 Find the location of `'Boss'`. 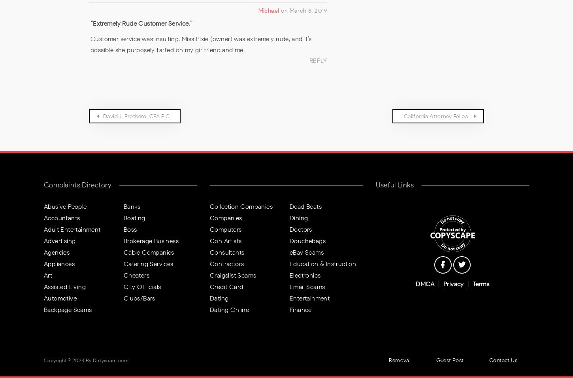

'Boss' is located at coordinates (130, 229).